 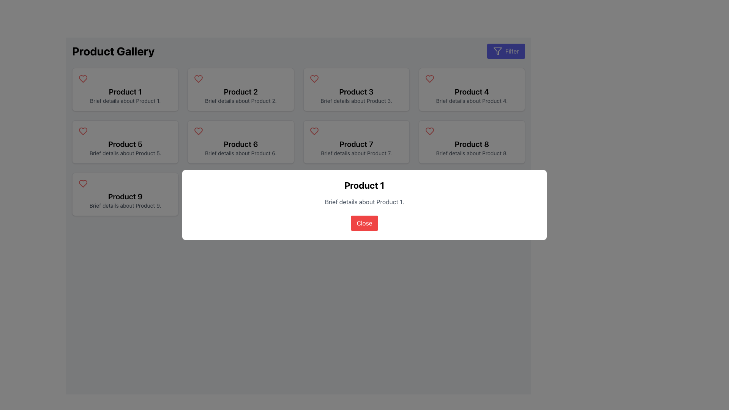 I want to click on the 'Filter' button with a blue background and white text, located at the top-right corner of the interface, so click(x=506, y=51).